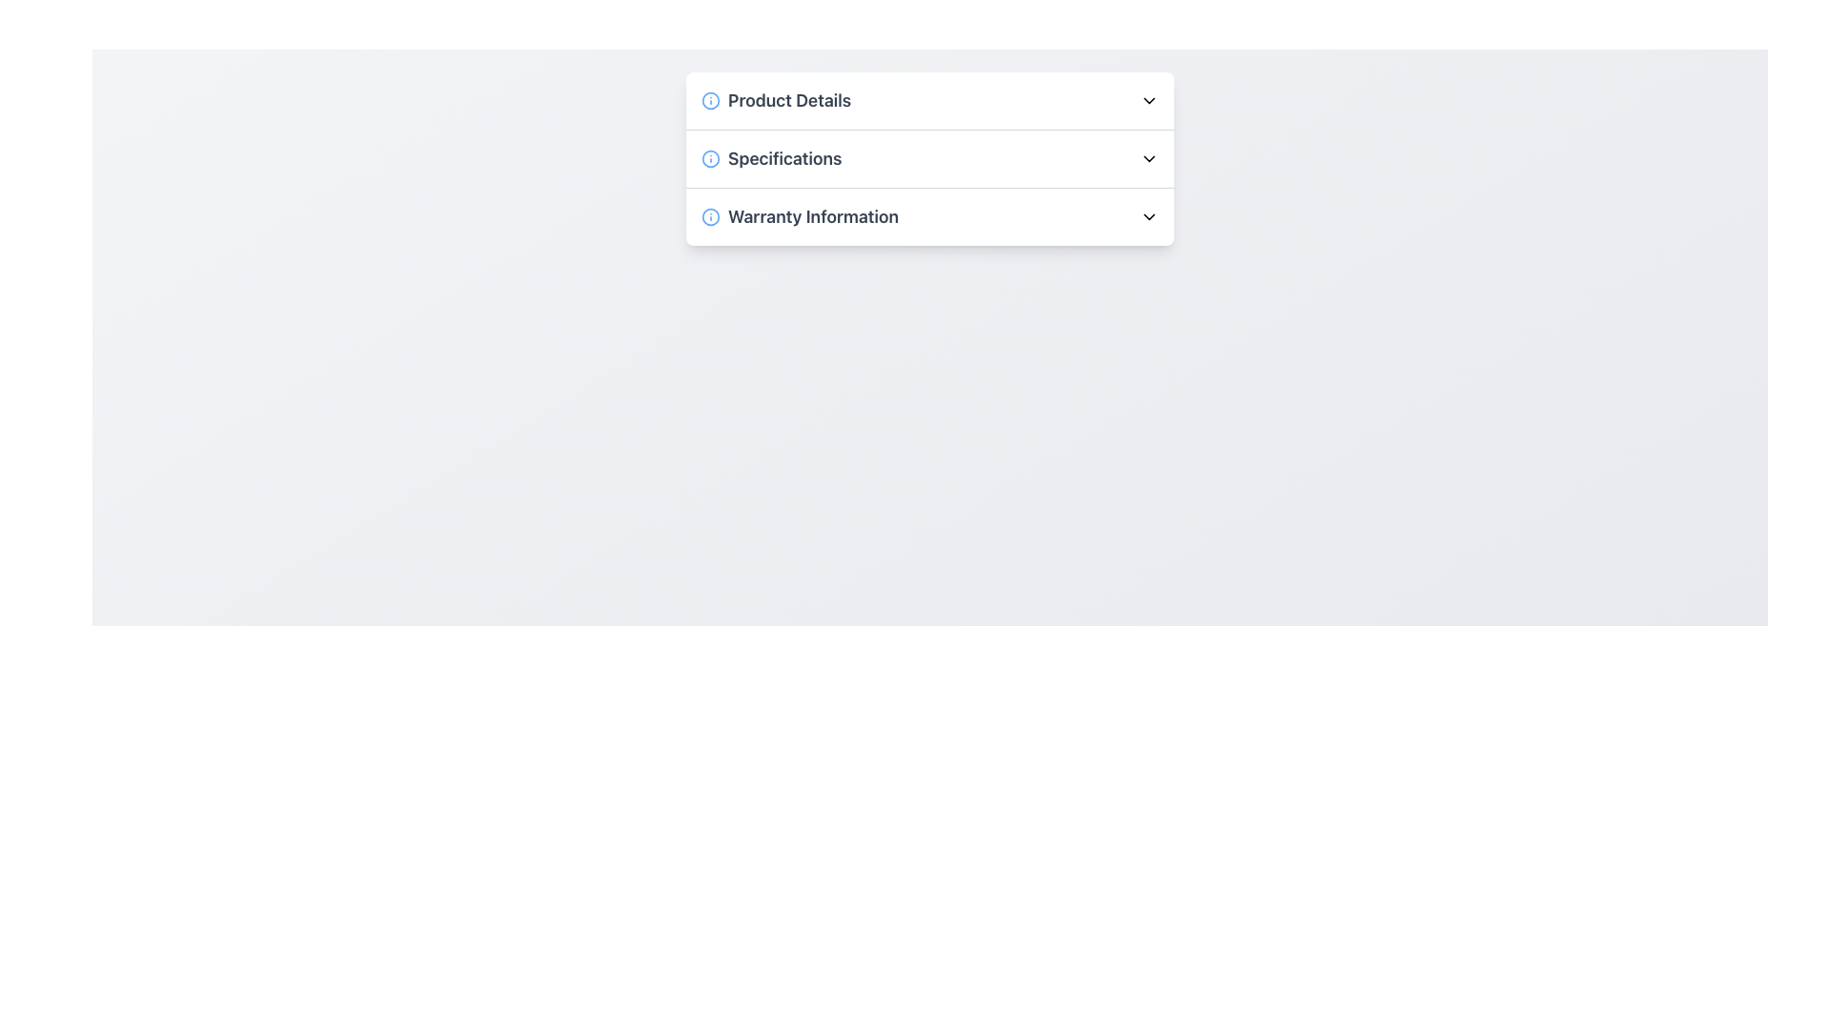  What do you see at coordinates (800, 215) in the screenshot?
I see `the icon associated with the warranty information label, which is the third item in a vertical list following 'Product Details' and 'Specifications'` at bounding box center [800, 215].